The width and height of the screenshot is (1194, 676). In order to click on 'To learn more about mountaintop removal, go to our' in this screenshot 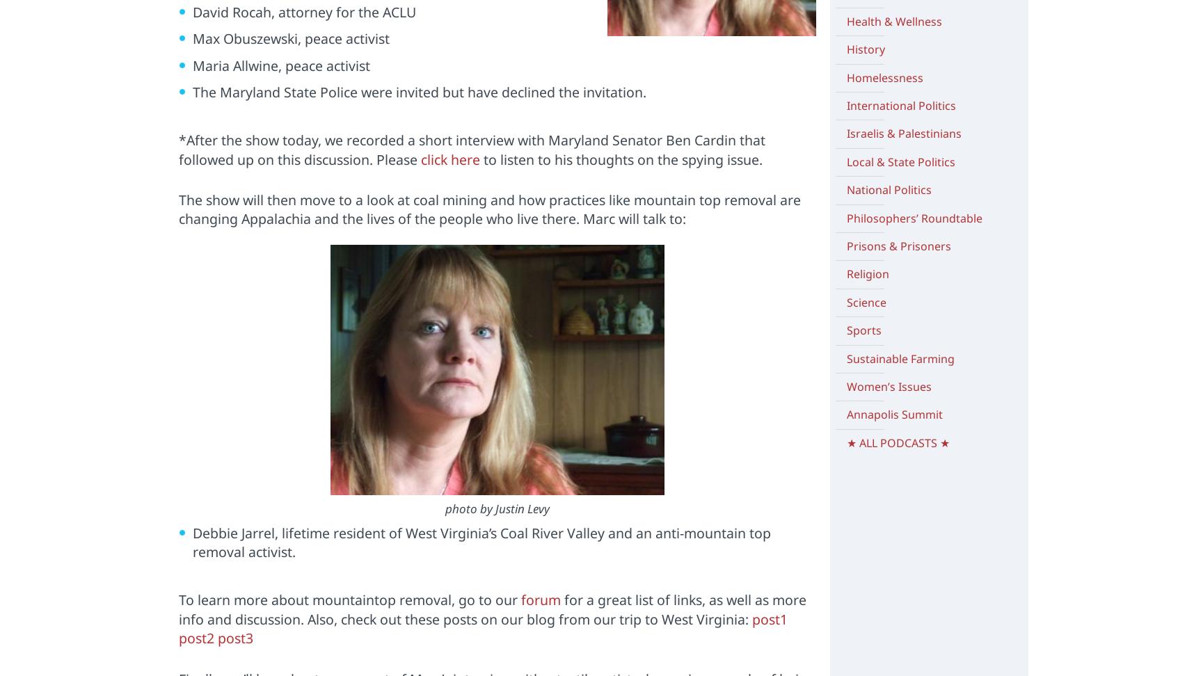, I will do `click(349, 599)`.